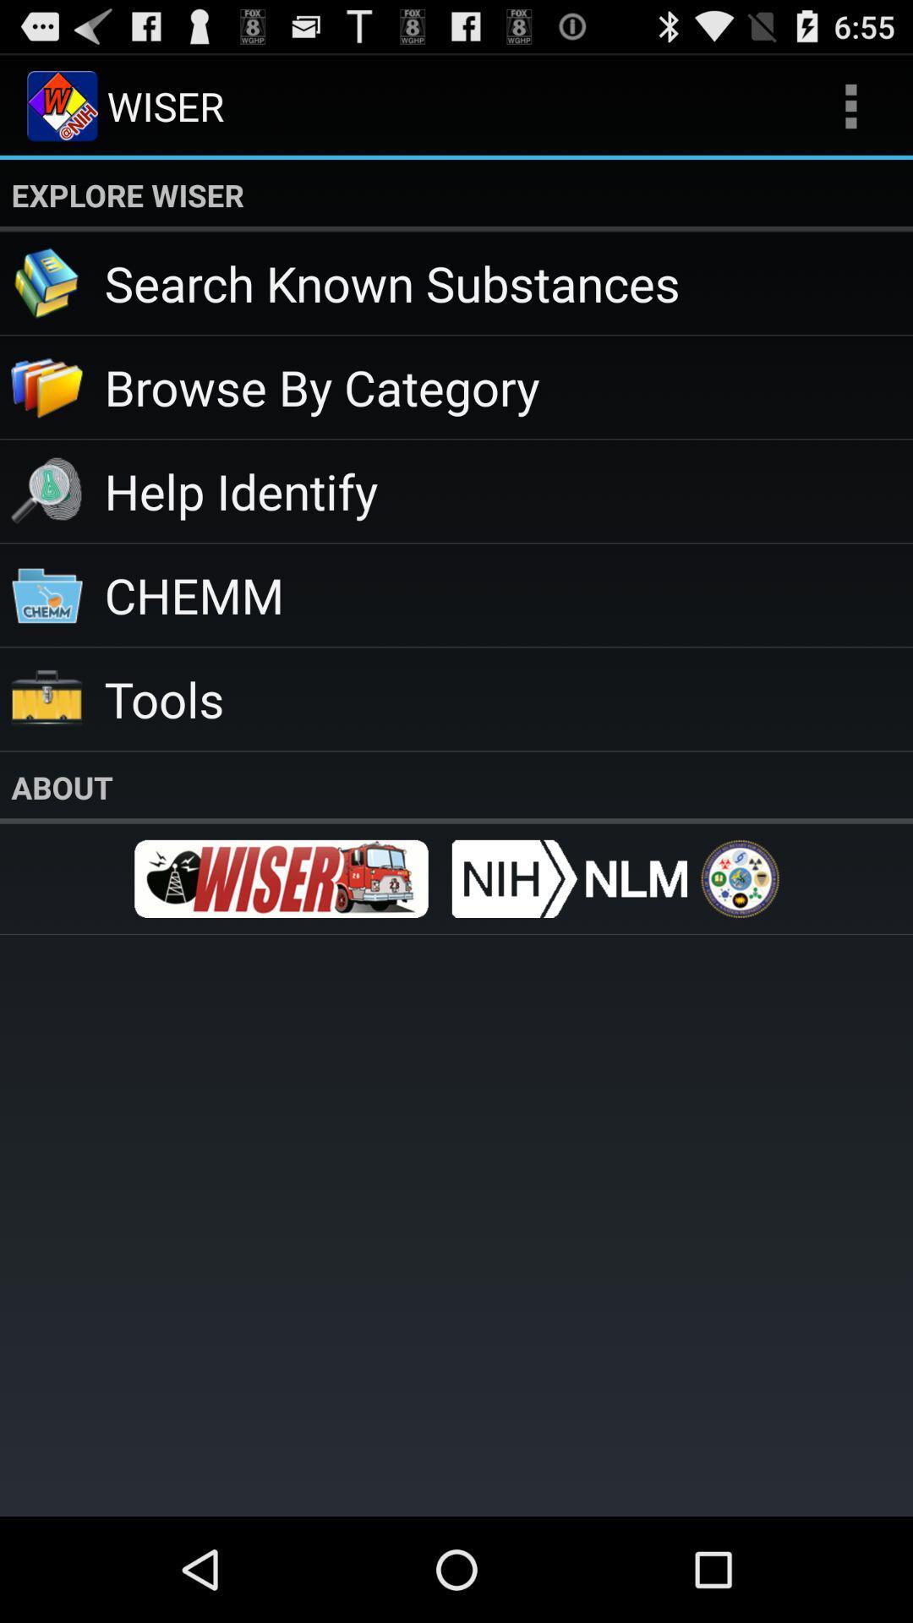  Describe the element at coordinates (507, 594) in the screenshot. I see `chemm` at that location.